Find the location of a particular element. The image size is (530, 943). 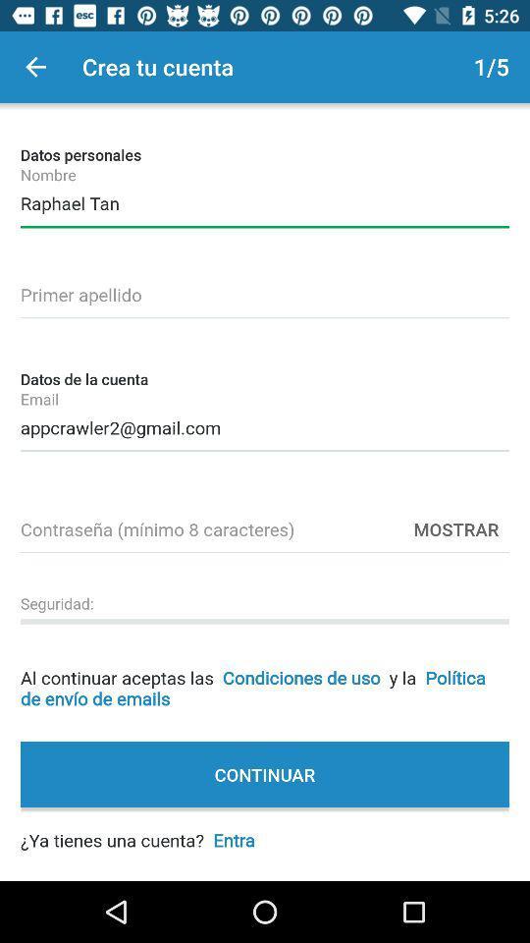

last name is located at coordinates (265, 291).